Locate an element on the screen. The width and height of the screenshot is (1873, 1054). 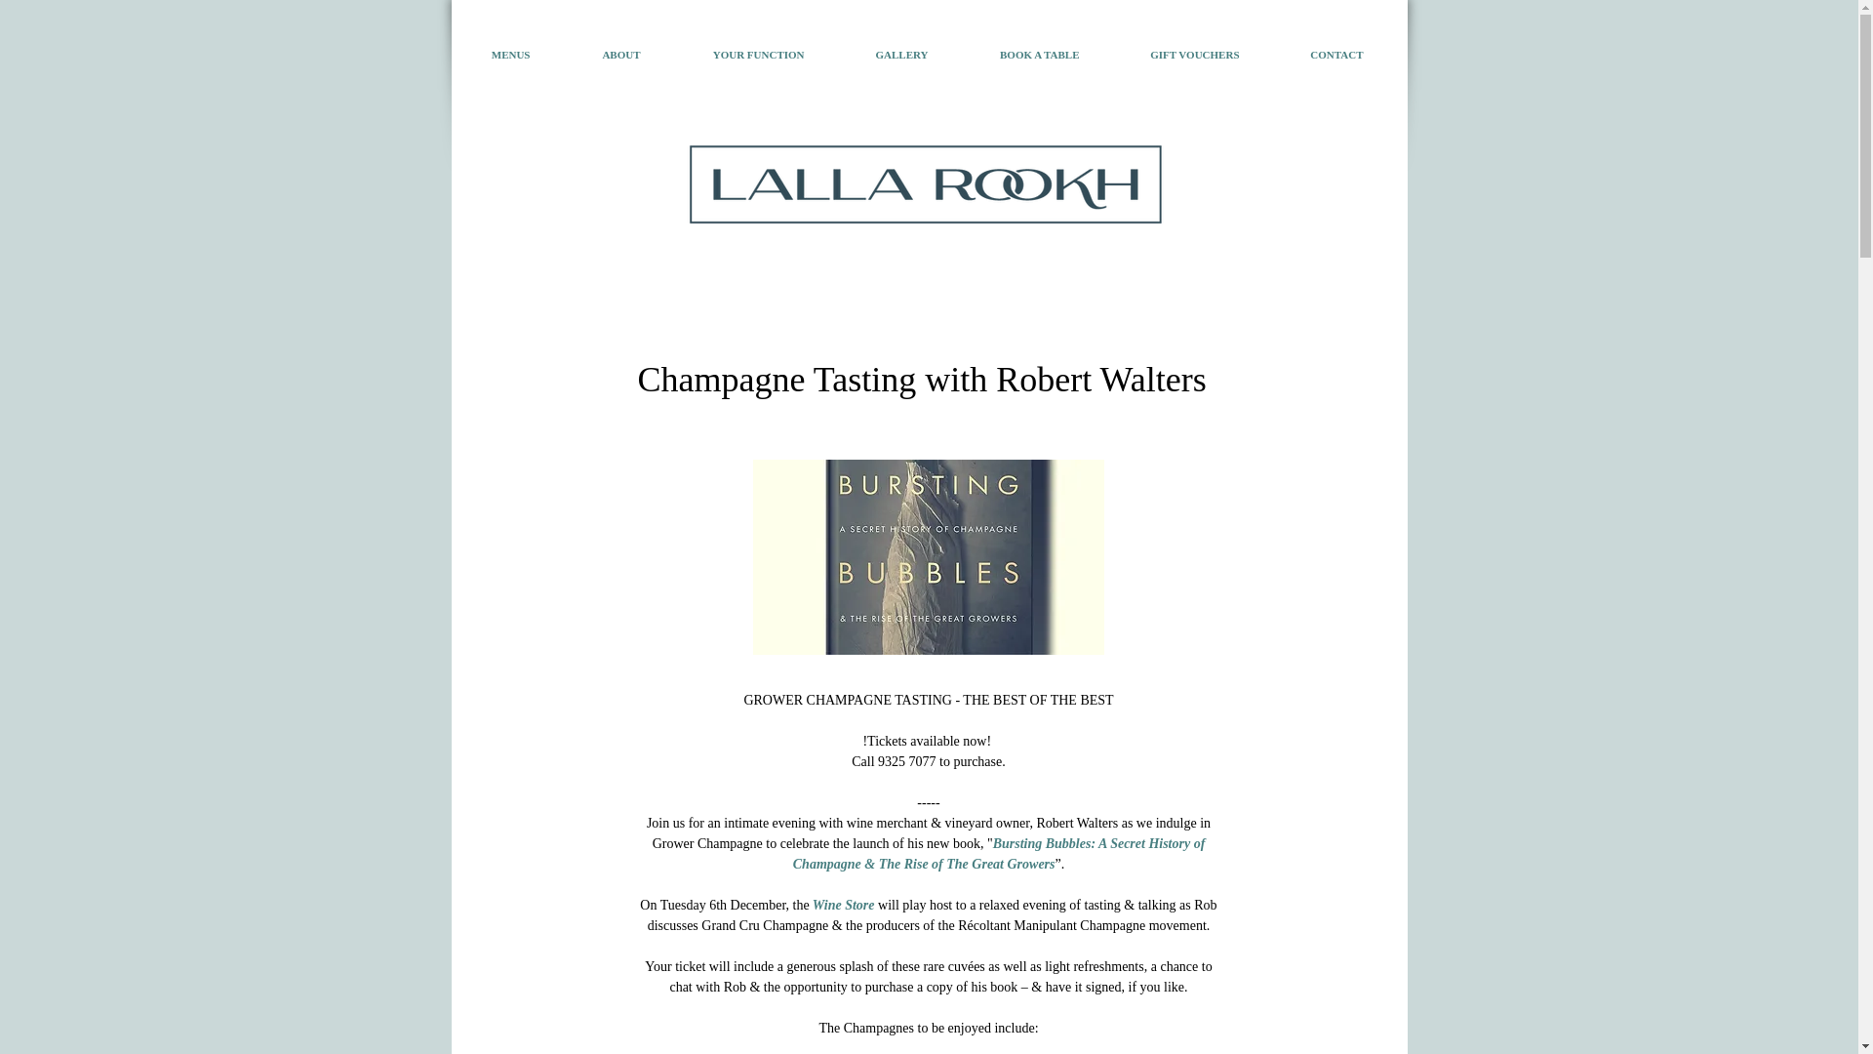
' Wine Store' is located at coordinates (810, 905).